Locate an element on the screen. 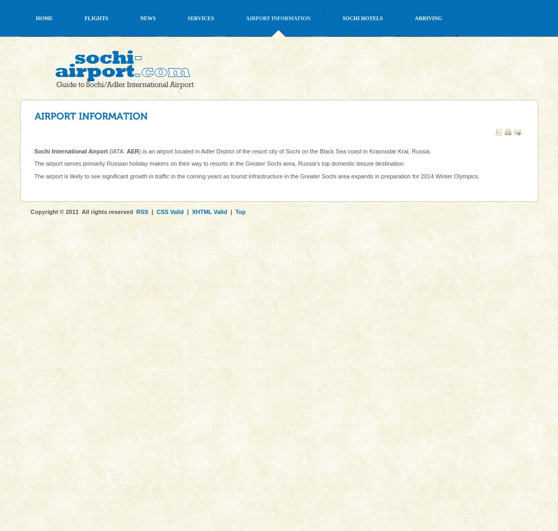 Image resolution: width=558 pixels, height=531 pixels. 'The airport is likely to see significant growth in traffic in the coming years as tourist infrastructure in the Greater Sochi area expands in preparation for 2014 Winter Olympics.' is located at coordinates (257, 175).